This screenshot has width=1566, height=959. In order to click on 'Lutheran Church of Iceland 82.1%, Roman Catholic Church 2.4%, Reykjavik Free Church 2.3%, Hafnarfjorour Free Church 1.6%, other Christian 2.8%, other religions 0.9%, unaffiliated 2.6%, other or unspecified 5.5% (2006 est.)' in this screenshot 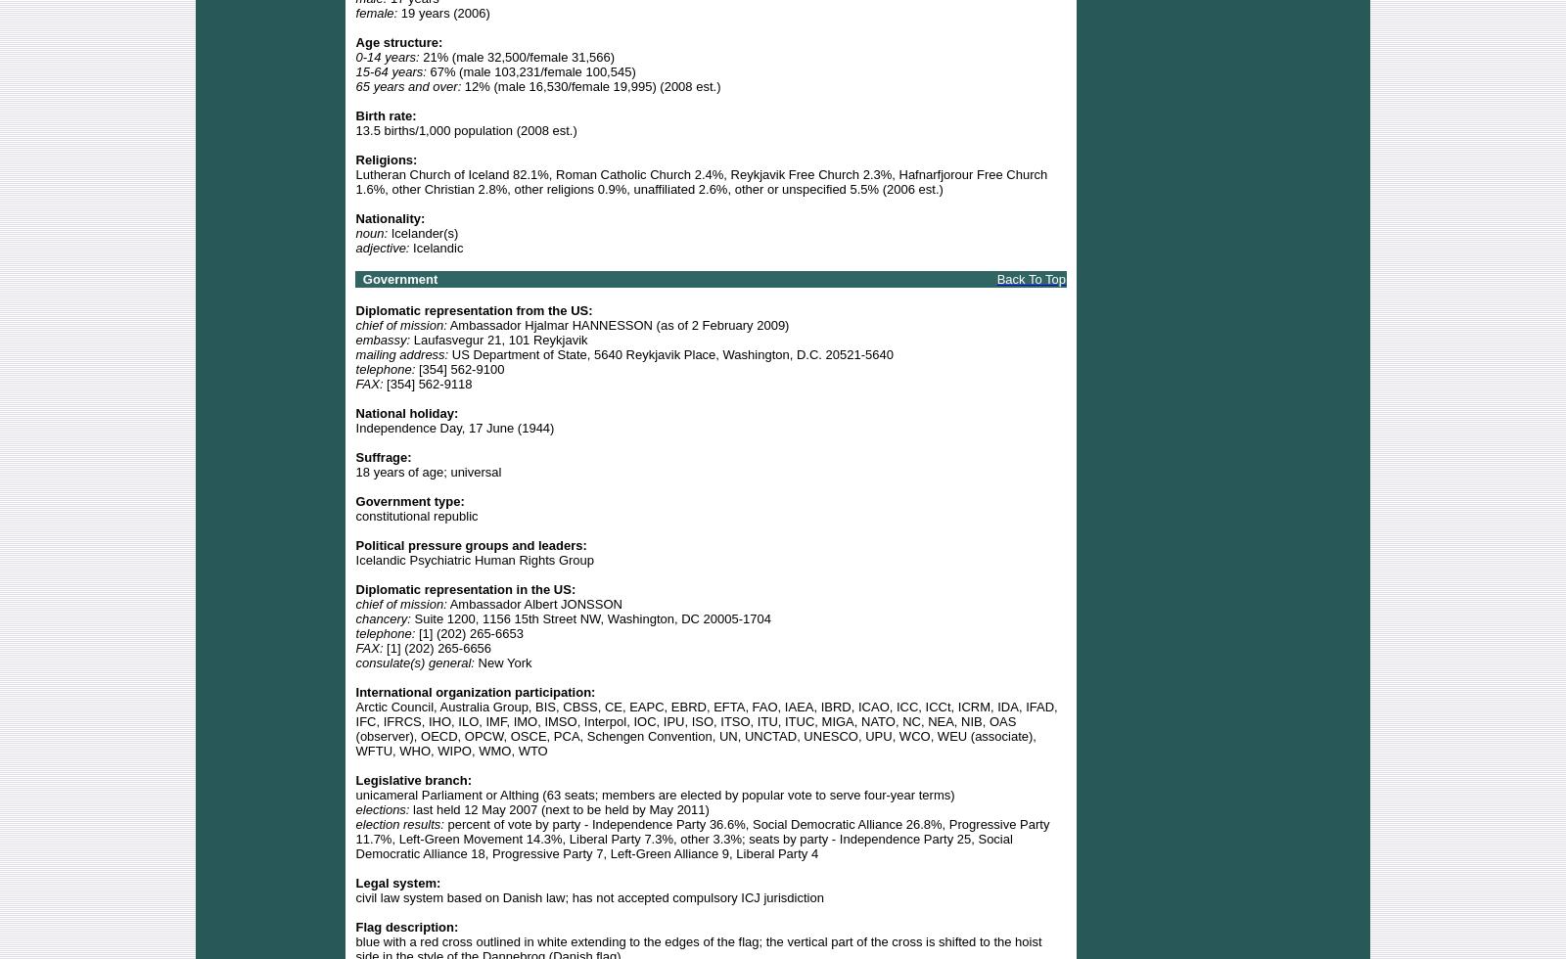, I will do `click(701, 181)`.